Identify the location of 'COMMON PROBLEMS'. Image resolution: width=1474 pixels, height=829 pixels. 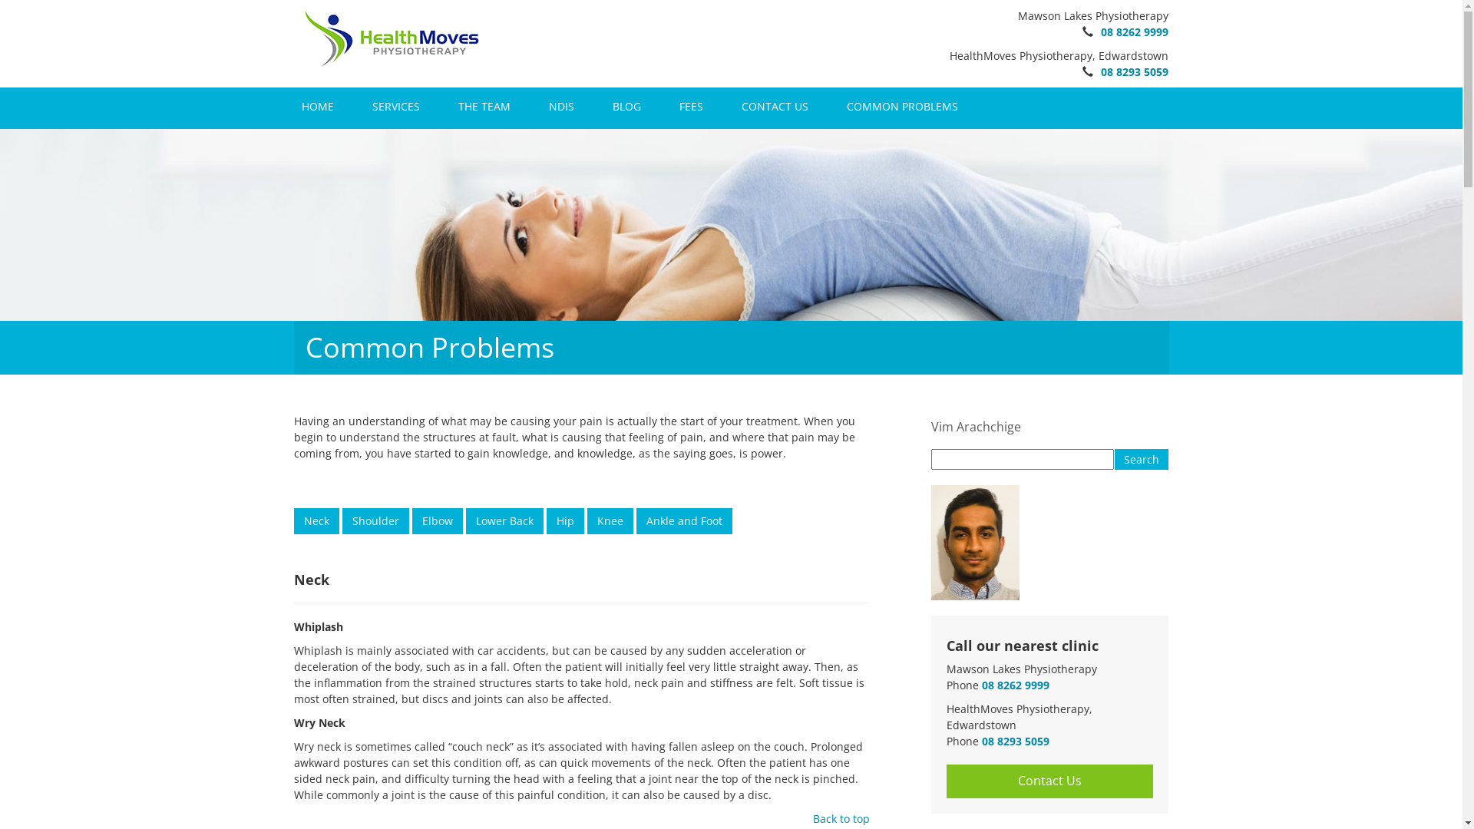
(901, 105).